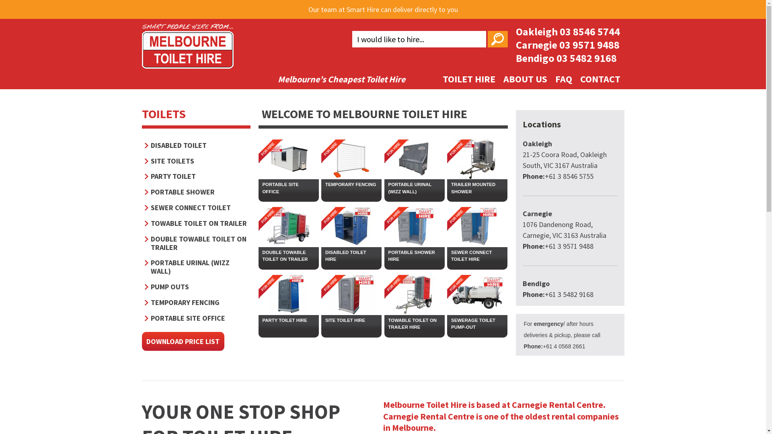 This screenshot has height=434, width=772. Describe the element at coordinates (145, 207) in the screenshot. I see `'SEWER CONNECT TOILET'` at that location.